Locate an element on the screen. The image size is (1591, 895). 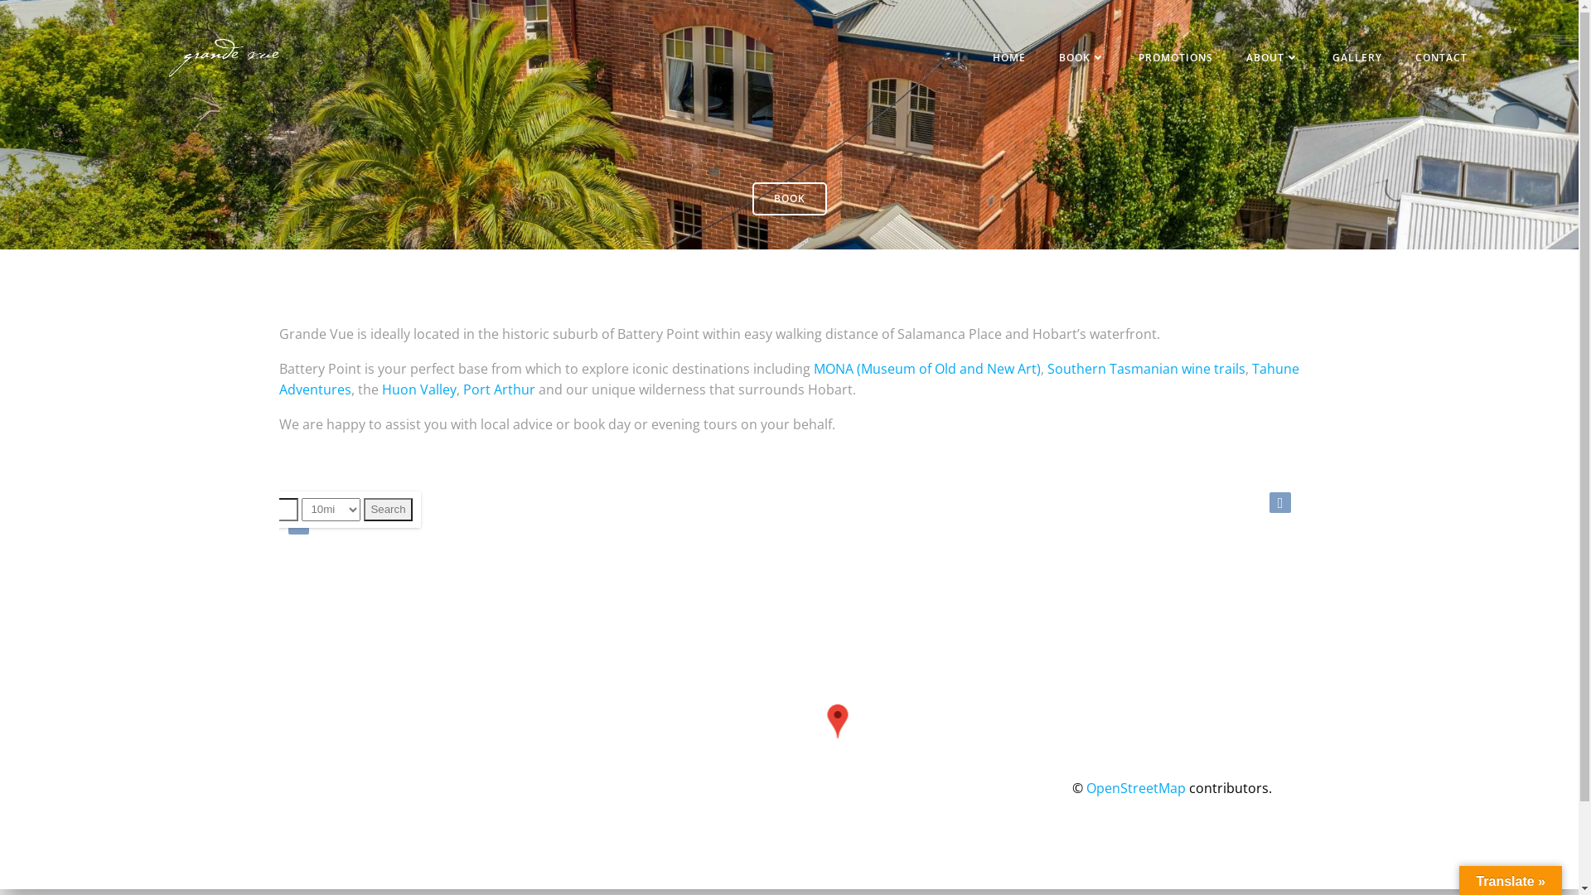
'BOOK' is located at coordinates (1081, 56).